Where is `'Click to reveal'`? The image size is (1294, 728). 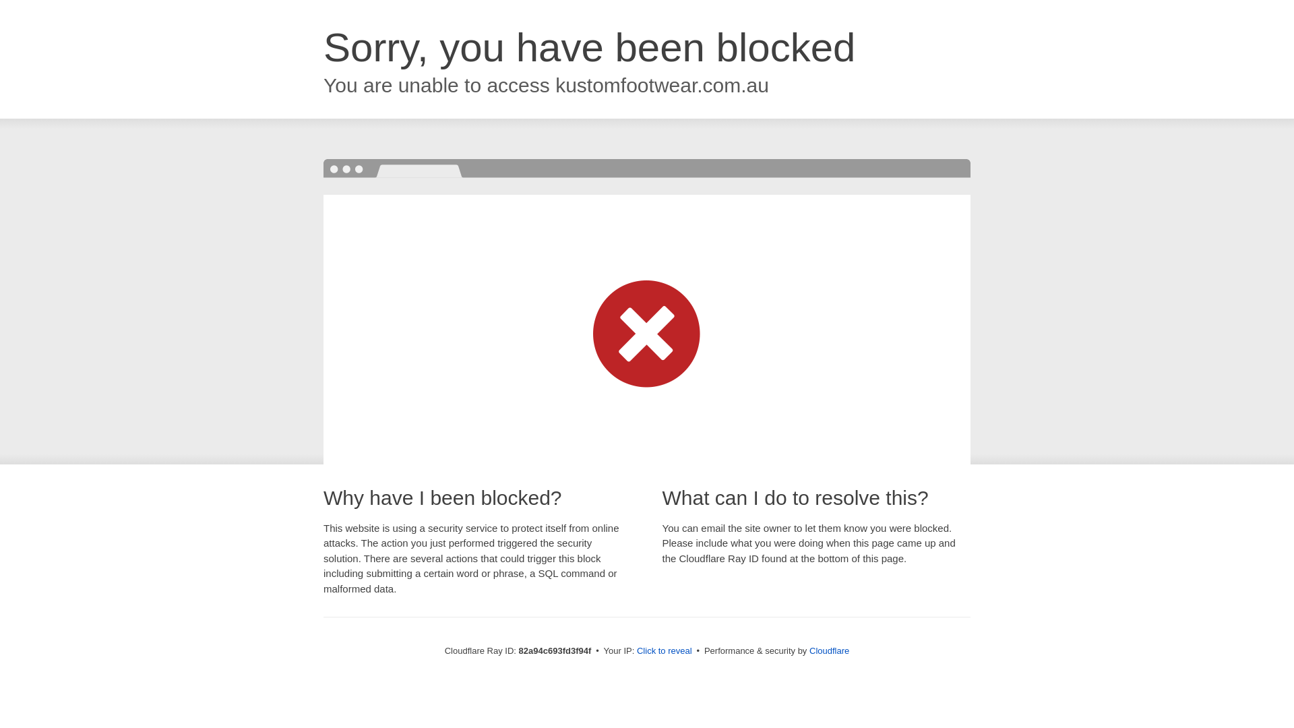
'Click to reveal' is located at coordinates (636, 650).